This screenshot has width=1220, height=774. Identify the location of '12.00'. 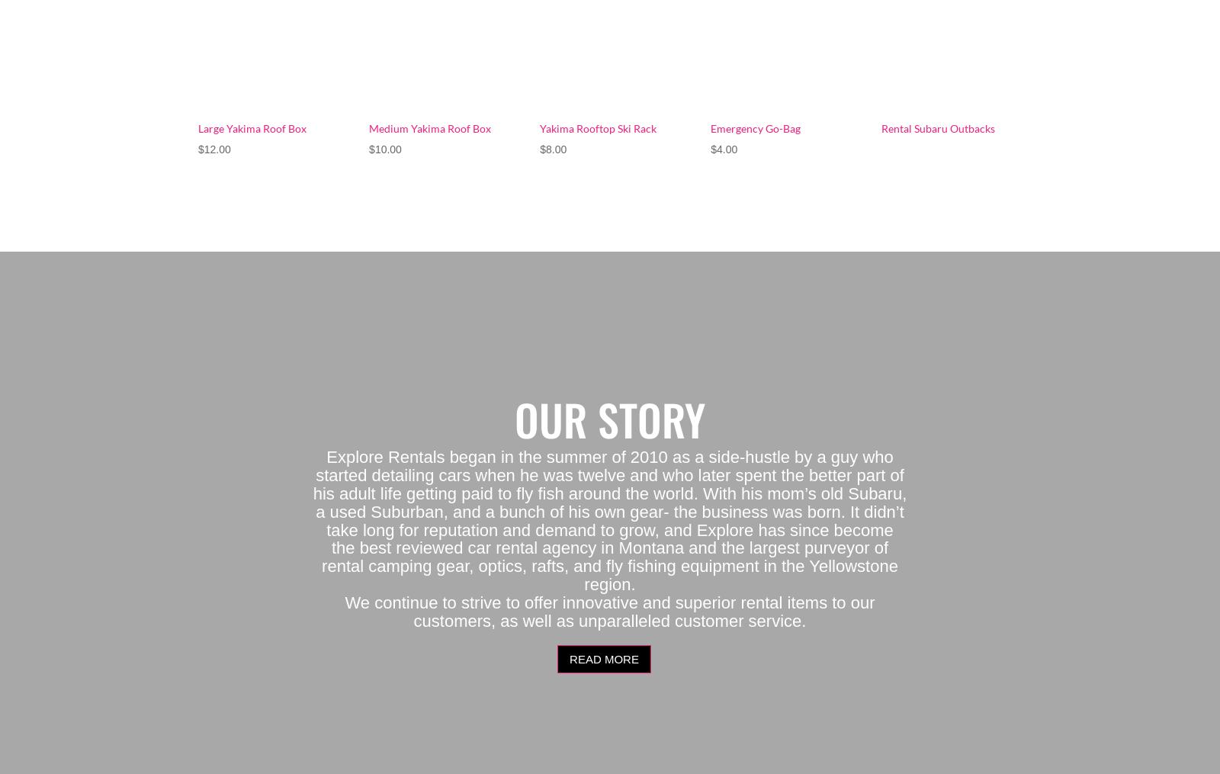
(217, 147).